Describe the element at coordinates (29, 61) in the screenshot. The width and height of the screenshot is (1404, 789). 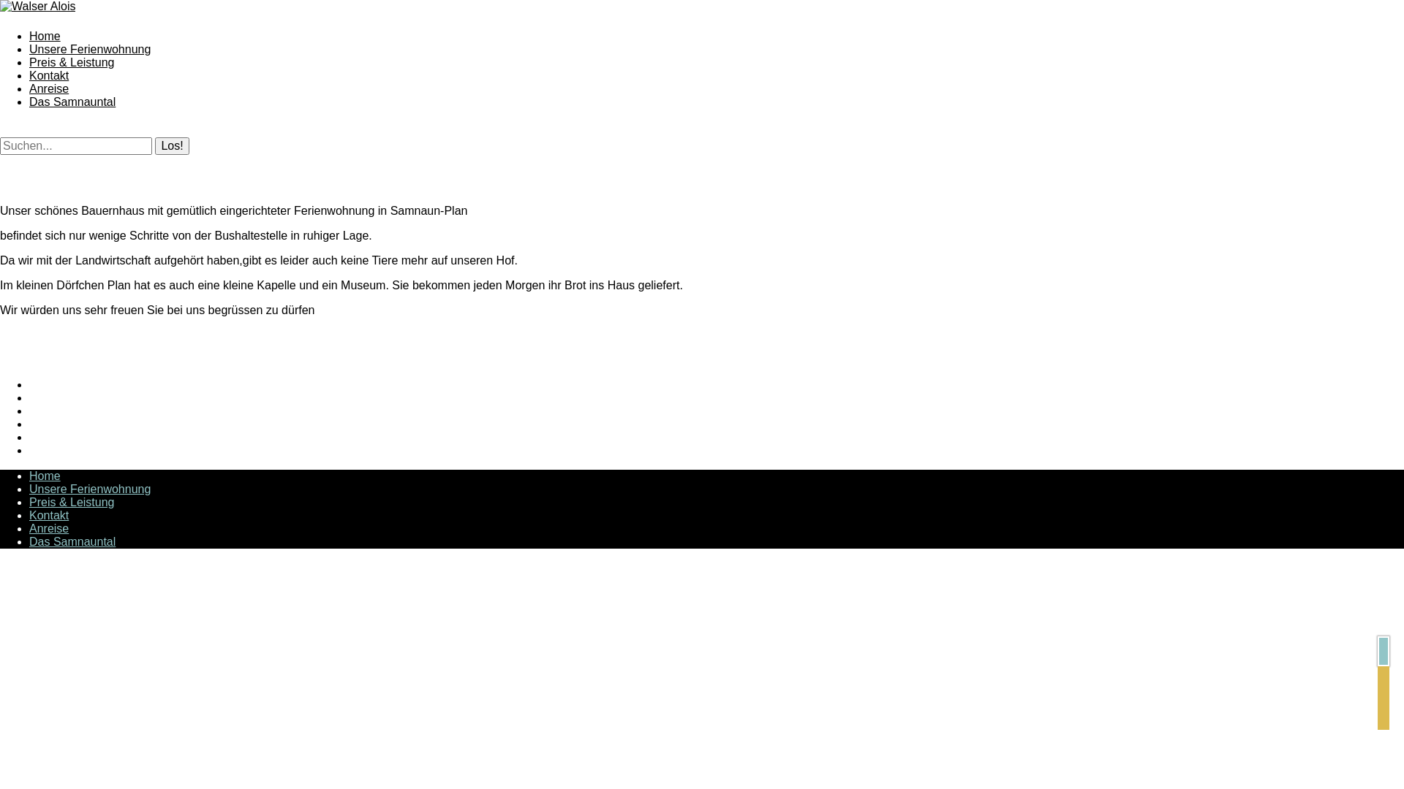
I see `'Preis & Leistung'` at that location.